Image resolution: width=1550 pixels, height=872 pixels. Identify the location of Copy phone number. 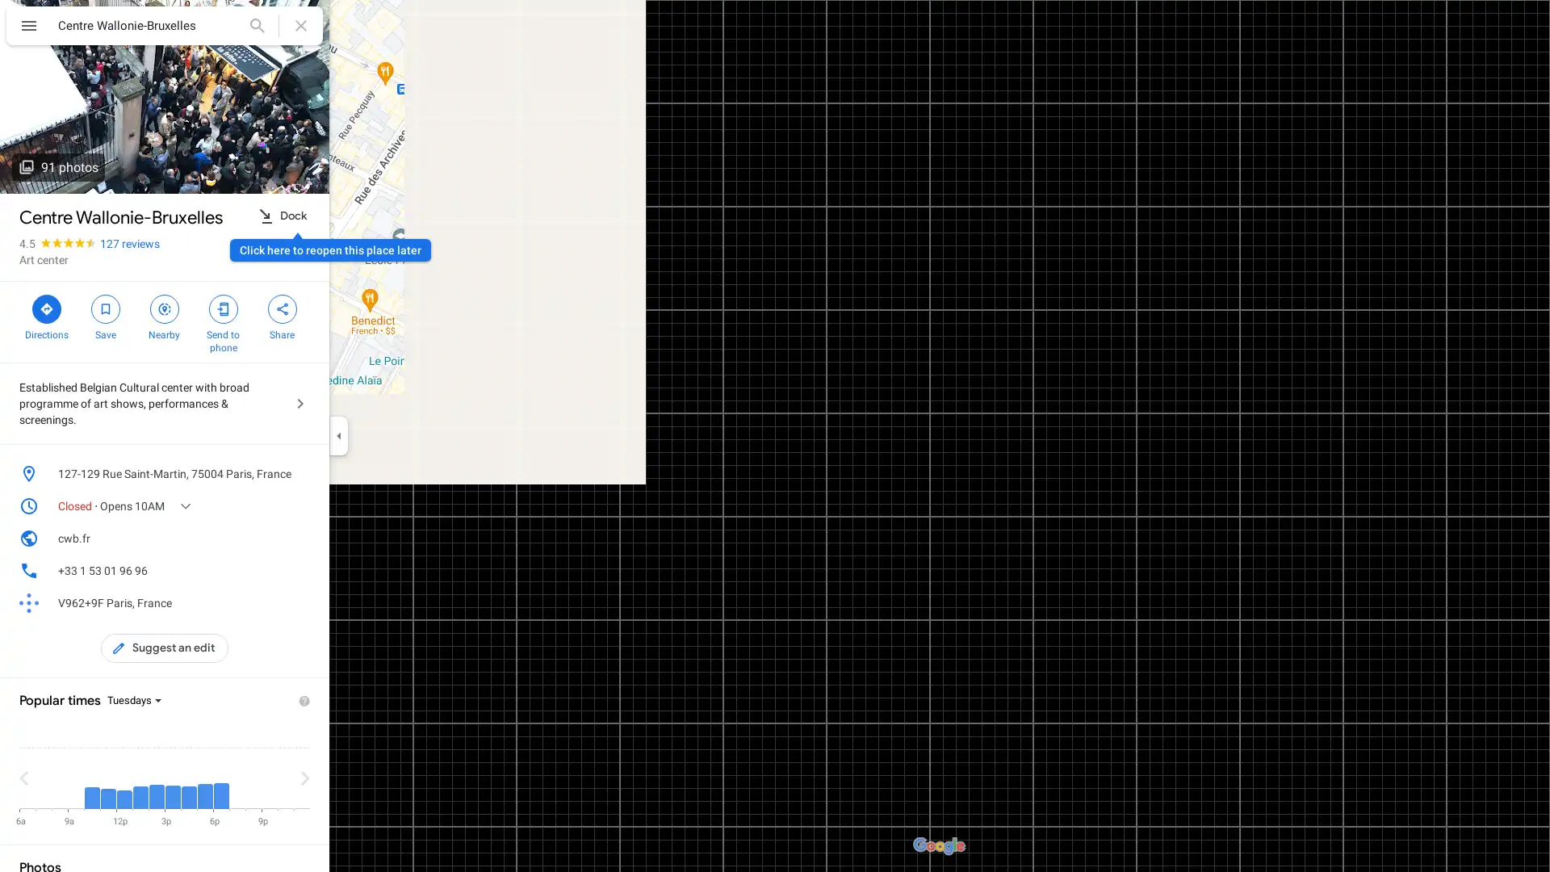
(278, 569).